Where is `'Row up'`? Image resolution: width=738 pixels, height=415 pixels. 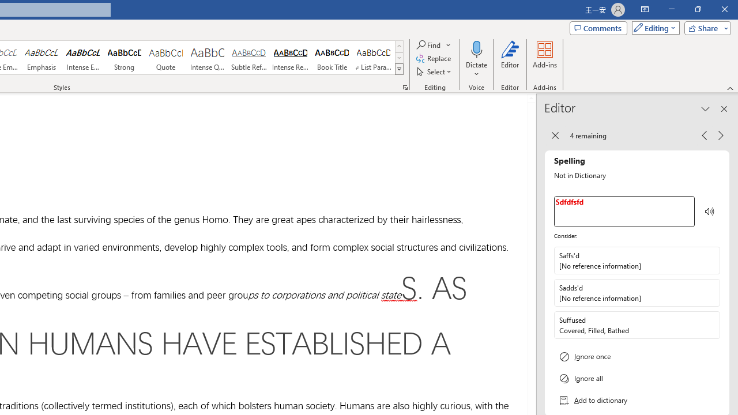 'Row up' is located at coordinates (399, 46).